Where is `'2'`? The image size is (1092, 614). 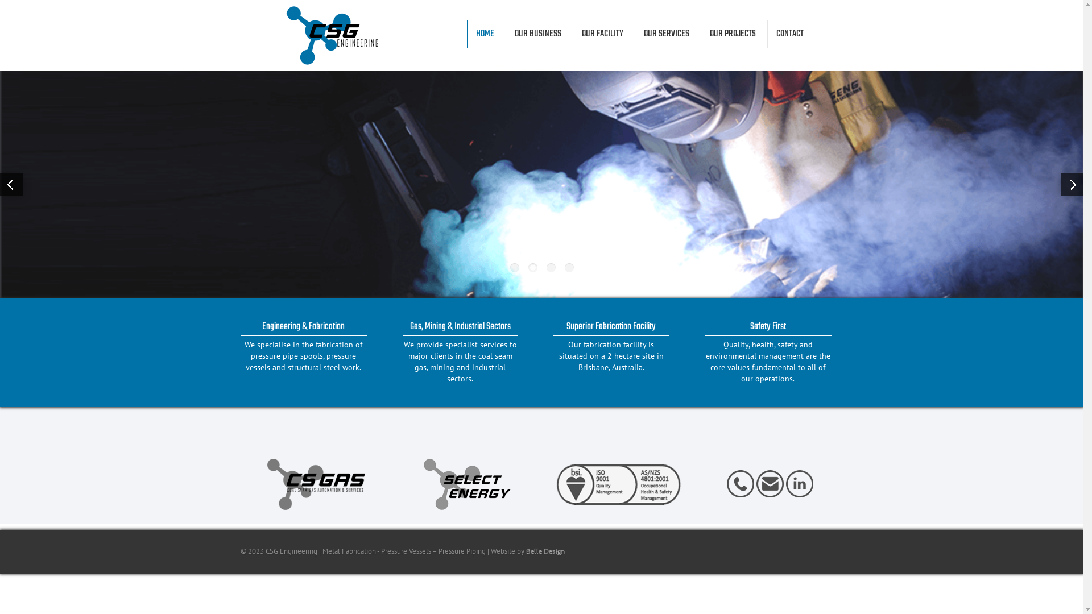
'2' is located at coordinates (532, 267).